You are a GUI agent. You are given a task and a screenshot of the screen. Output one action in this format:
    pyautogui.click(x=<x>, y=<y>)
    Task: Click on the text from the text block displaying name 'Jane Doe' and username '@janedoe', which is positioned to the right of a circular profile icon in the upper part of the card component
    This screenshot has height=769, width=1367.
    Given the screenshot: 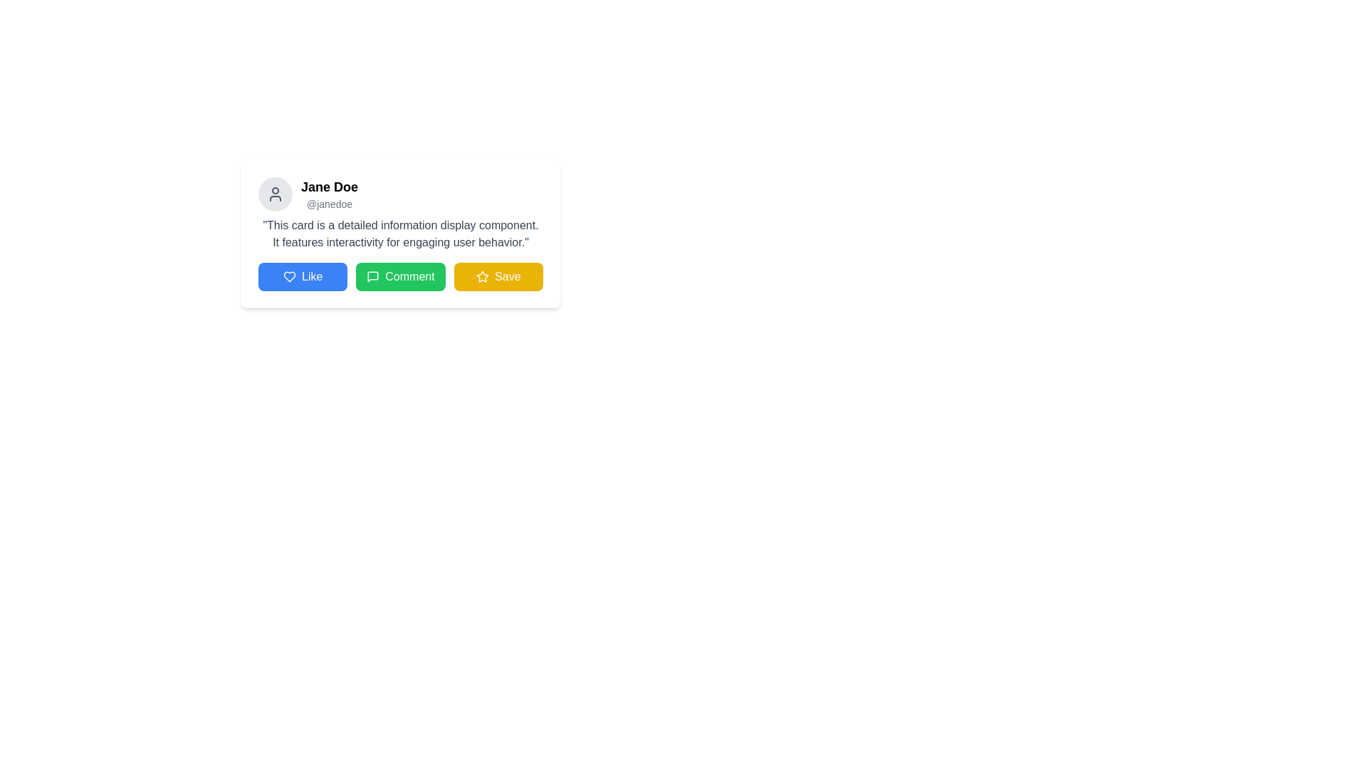 What is the action you would take?
    pyautogui.click(x=329, y=194)
    